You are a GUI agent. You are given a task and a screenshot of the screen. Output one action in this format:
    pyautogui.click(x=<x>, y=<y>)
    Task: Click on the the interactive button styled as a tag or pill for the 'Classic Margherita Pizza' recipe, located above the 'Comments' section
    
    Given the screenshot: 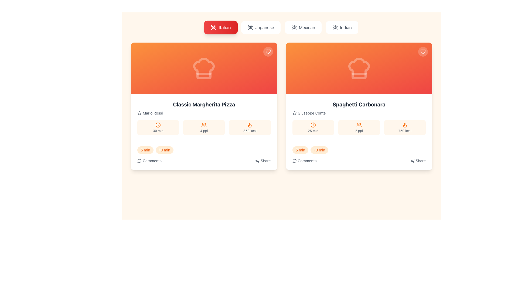 What is the action you would take?
    pyautogui.click(x=155, y=150)
    